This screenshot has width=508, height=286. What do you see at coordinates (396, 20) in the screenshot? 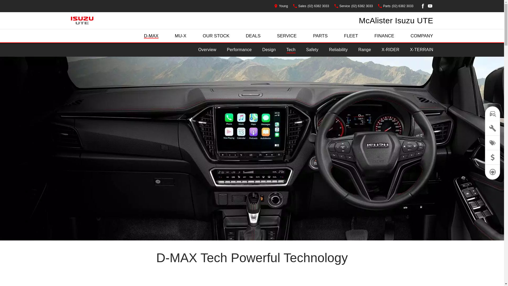
I see `'McAlister Isuzu UTE'` at bounding box center [396, 20].